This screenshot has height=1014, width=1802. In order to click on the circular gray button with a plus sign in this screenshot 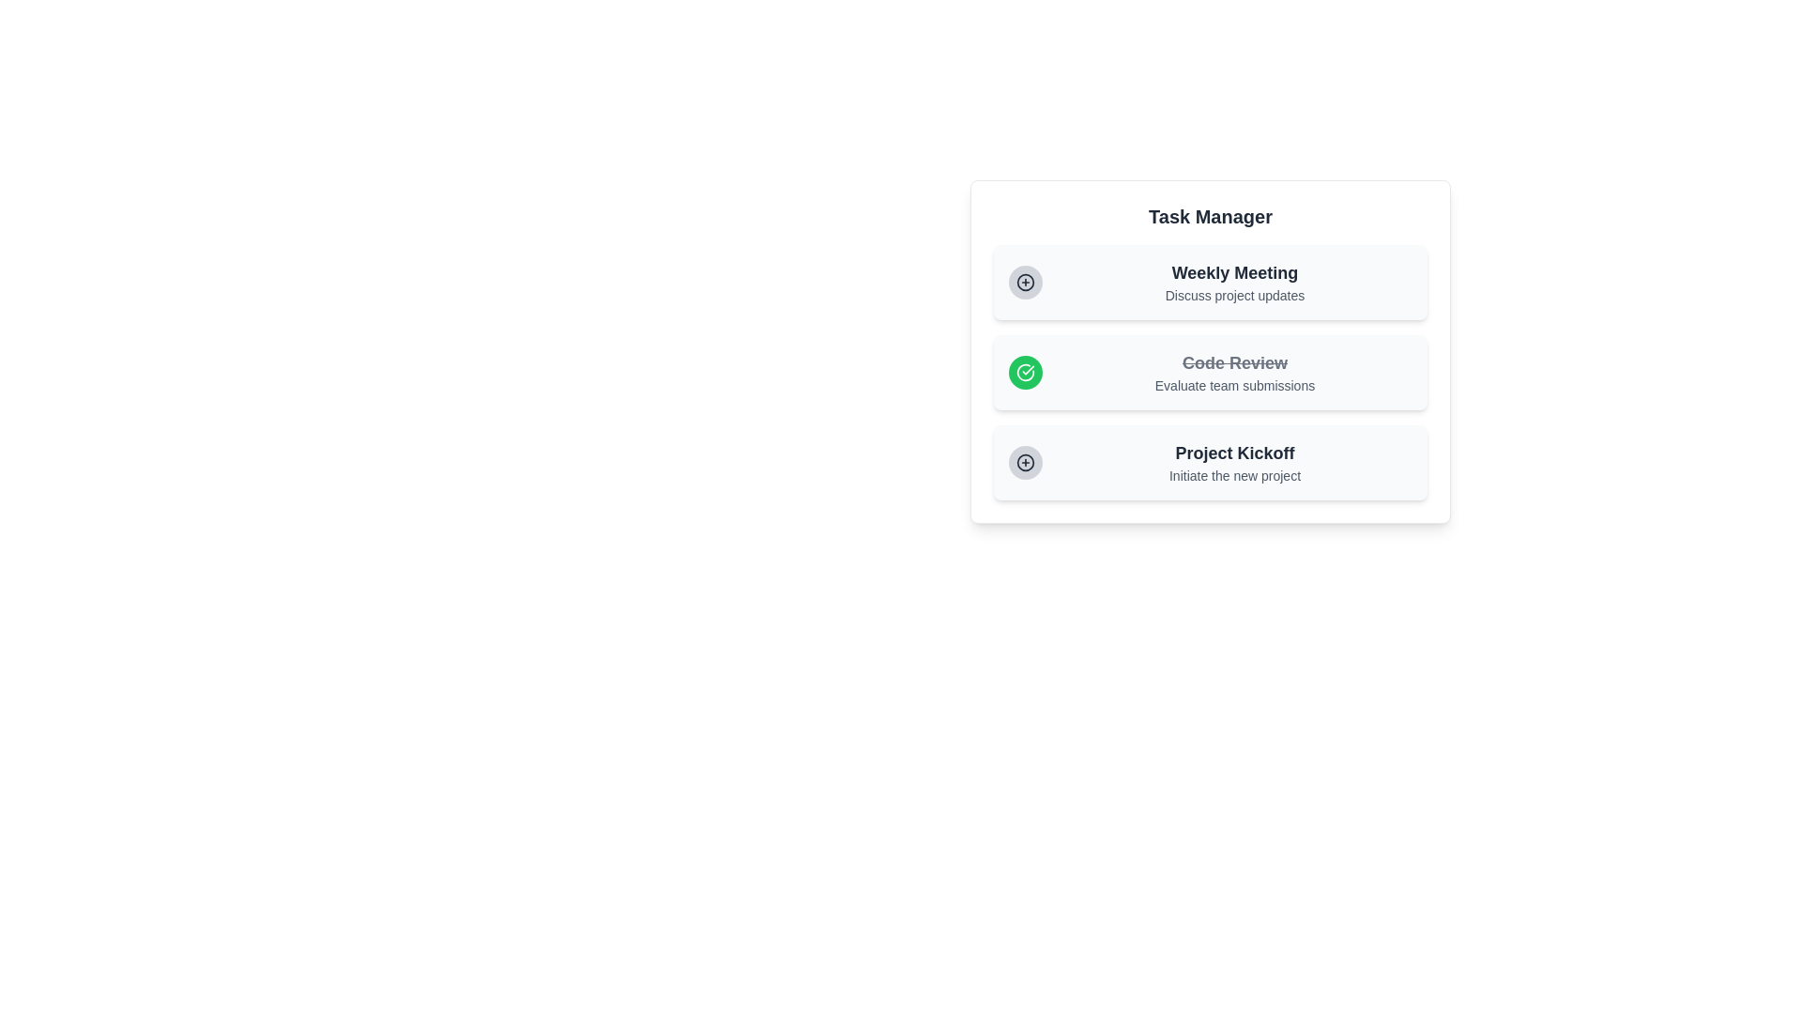, I will do `click(1025, 282)`.